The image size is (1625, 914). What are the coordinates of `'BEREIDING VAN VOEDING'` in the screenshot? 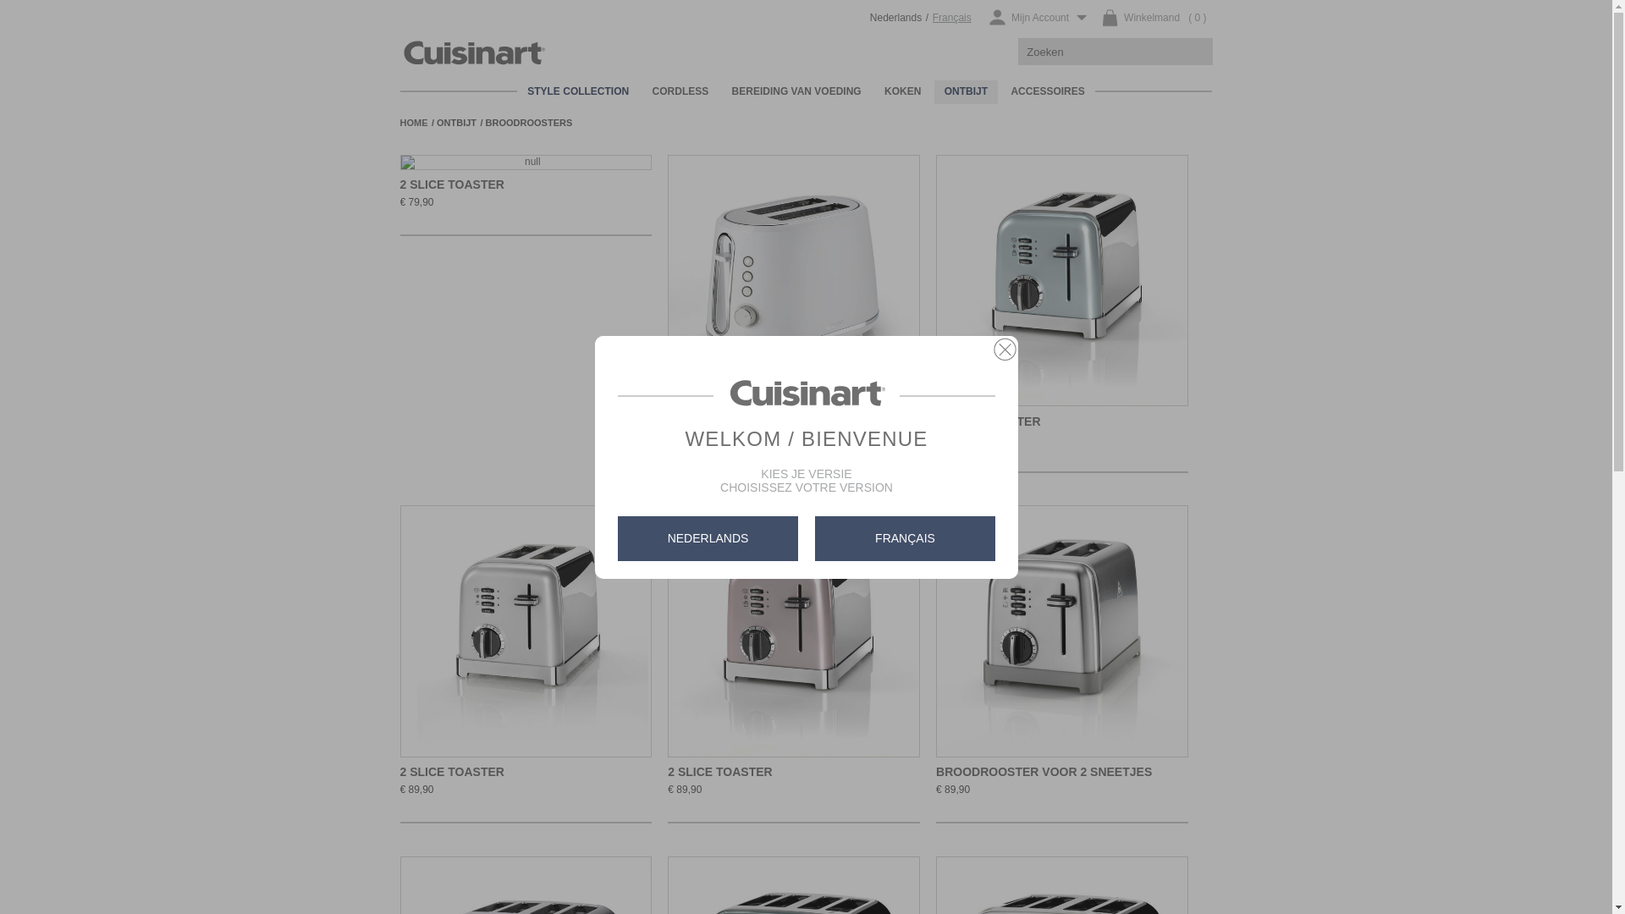 It's located at (796, 91).